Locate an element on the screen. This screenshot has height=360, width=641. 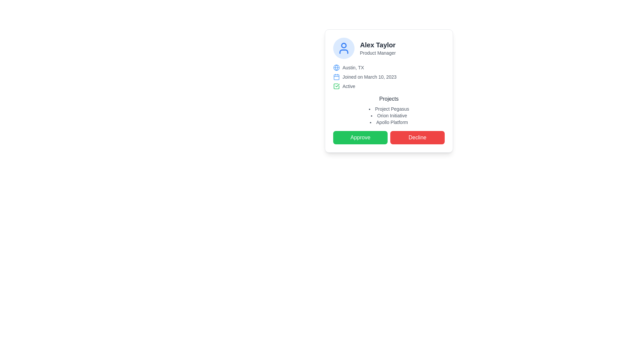
the Profile summary header displaying the user's name is located at coordinates (389, 48).